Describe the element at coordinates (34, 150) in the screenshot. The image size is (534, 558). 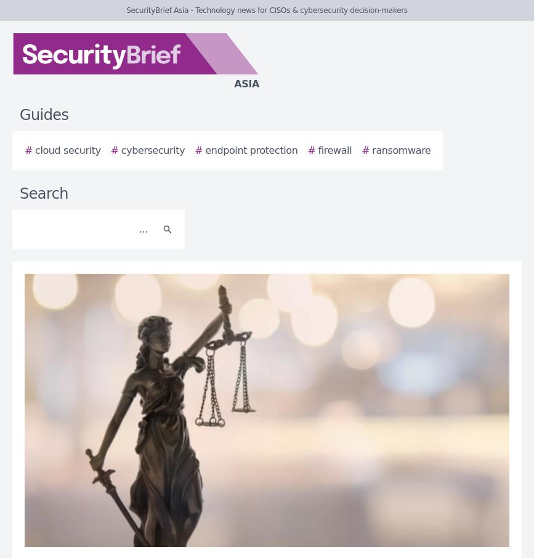
I see `'cloud security'` at that location.